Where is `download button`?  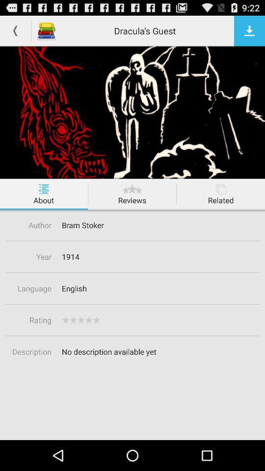
download button is located at coordinates (249, 30).